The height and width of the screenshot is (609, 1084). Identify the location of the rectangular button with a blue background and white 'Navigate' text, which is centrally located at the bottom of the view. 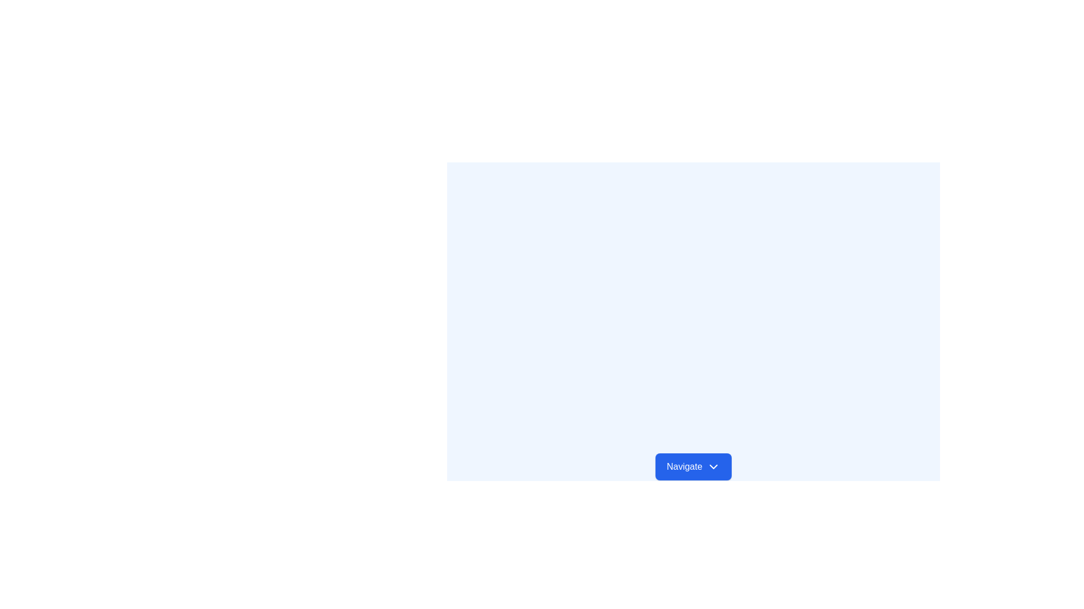
(693, 467).